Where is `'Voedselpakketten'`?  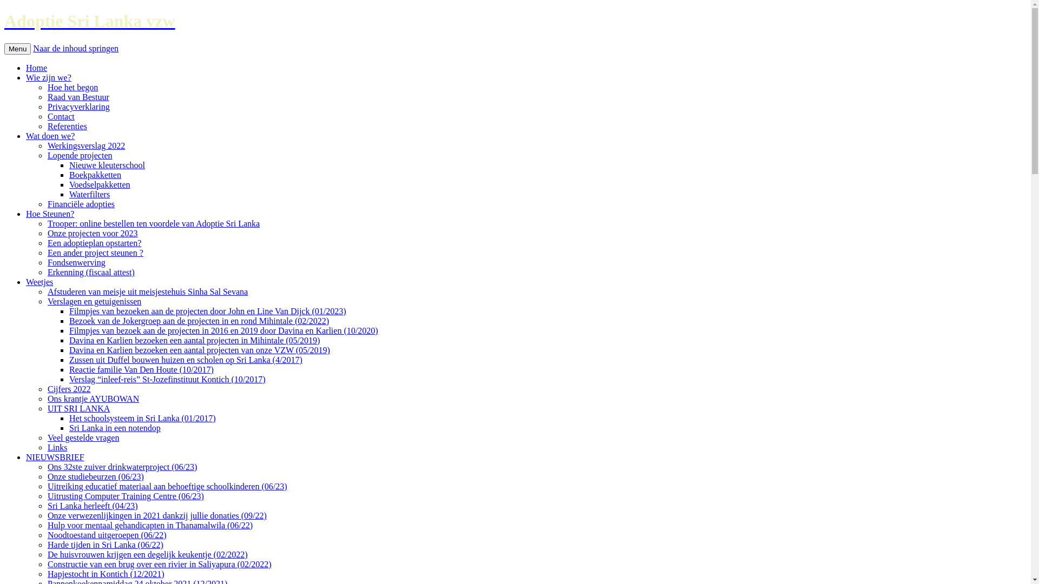
'Voedselpakketten' is located at coordinates (100, 184).